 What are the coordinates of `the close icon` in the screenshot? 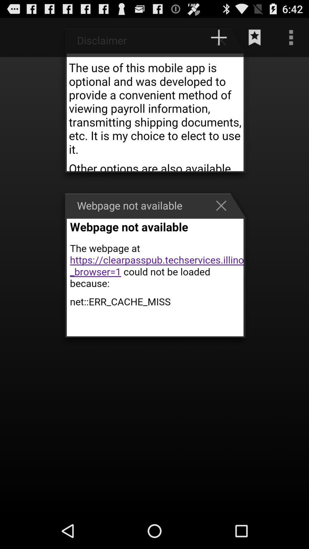 It's located at (224, 219).